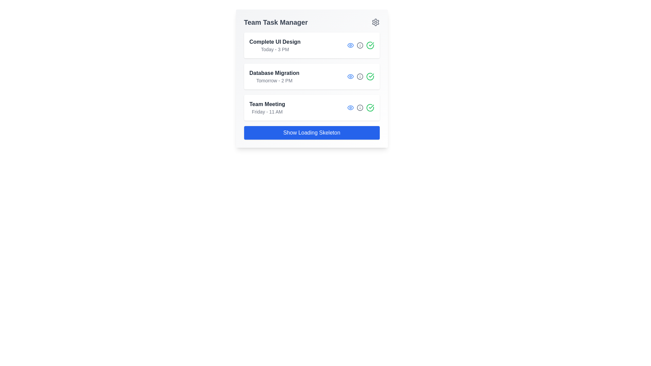  What do you see at coordinates (311, 107) in the screenshot?
I see `the icons within the 'Team Meeting' card component, which is the third item in a vertically stacked list of task cards` at bounding box center [311, 107].